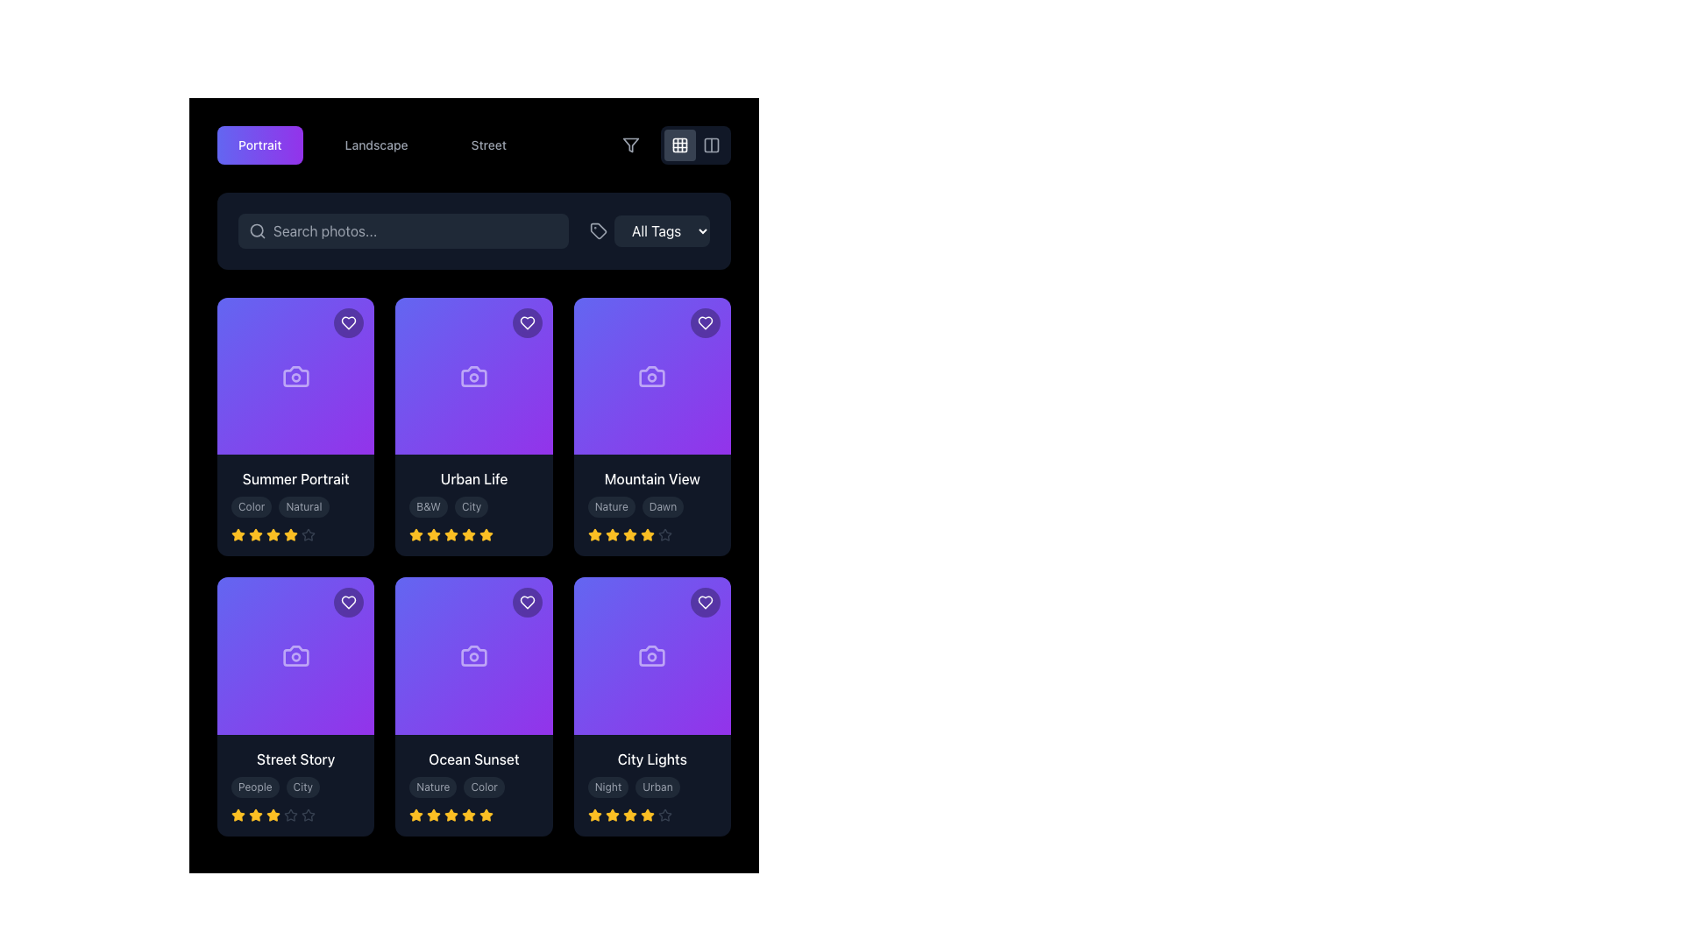 The image size is (1683, 946). Describe the element at coordinates (486, 534) in the screenshot. I see `the fifth star in the rating system below the 'Urban Life' card to interact with it` at that location.